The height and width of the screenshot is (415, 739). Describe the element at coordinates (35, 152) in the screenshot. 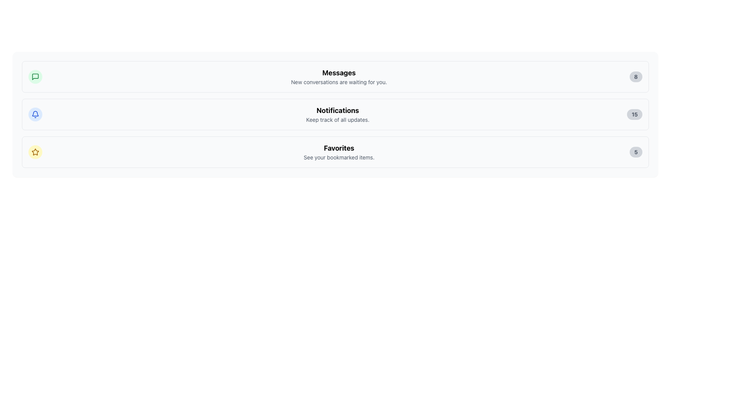

I see `the 'Favorites' icon button, which is a decorative element located within the card labeled 'Favorites' and is the leftmost part of the card` at that location.